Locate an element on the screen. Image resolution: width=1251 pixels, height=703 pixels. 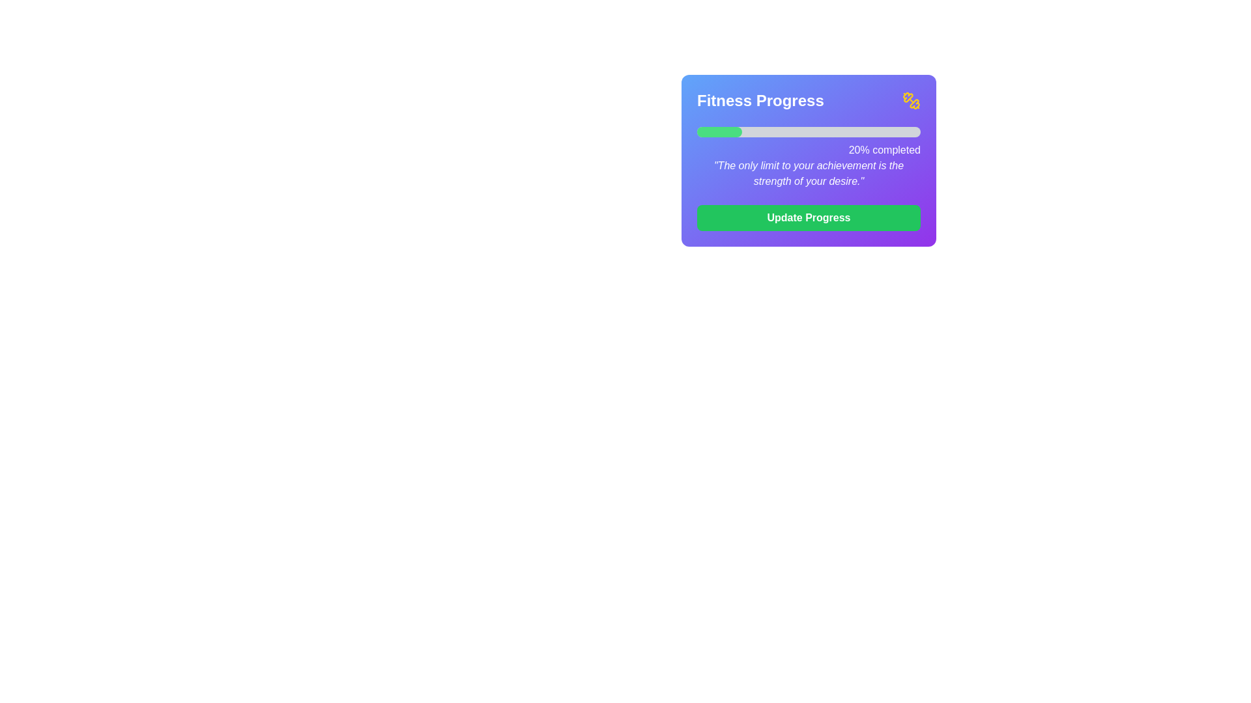
the horizontal progress bar indicating 20% progress, located in the top-central part of the 'Fitness Progress' section is located at coordinates (808, 132).